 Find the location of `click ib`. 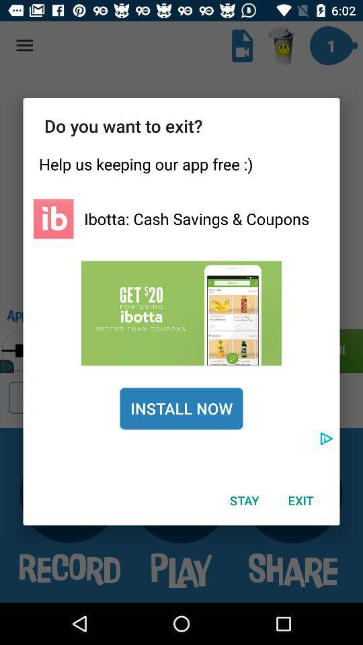

click ib is located at coordinates (52, 218).